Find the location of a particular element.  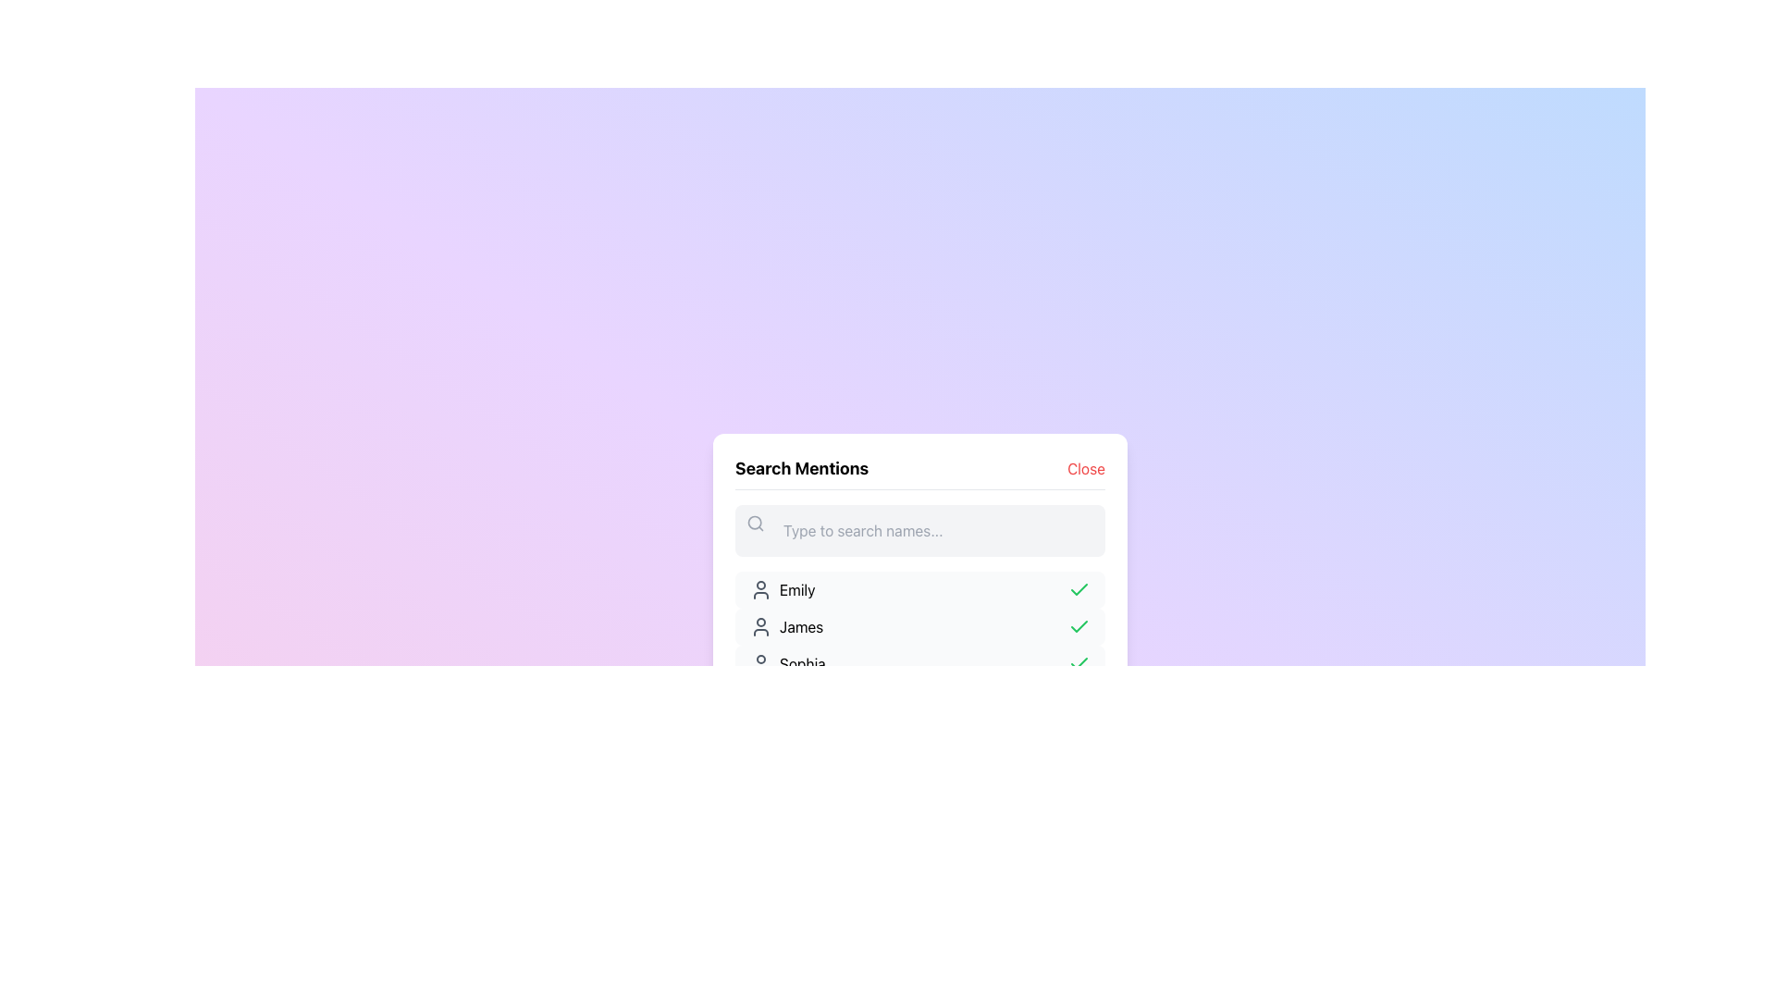

the green checkmark icon adjacent to 'Sophia' in the 'Search Mentions' list is located at coordinates (1079, 662).